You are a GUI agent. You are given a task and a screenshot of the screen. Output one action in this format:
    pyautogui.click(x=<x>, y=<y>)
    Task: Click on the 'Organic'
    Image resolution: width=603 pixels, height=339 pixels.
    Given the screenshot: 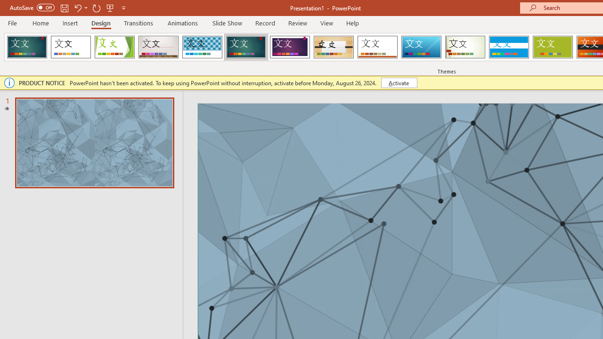 What is the action you would take?
    pyautogui.click(x=334, y=47)
    